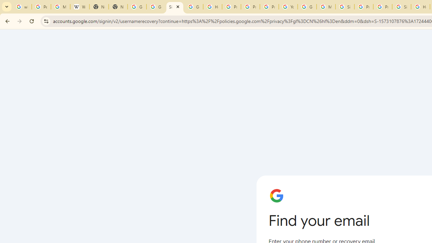 This screenshot has height=243, width=432. What do you see at coordinates (288, 7) in the screenshot?
I see `'YouTube'` at bounding box center [288, 7].